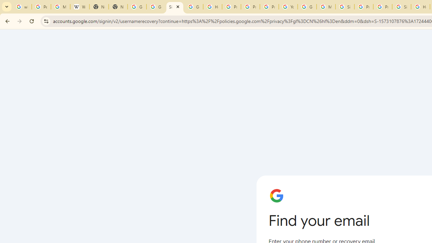 This screenshot has height=243, width=432. What do you see at coordinates (288, 7) in the screenshot?
I see `'YouTube'` at bounding box center [288, 7].